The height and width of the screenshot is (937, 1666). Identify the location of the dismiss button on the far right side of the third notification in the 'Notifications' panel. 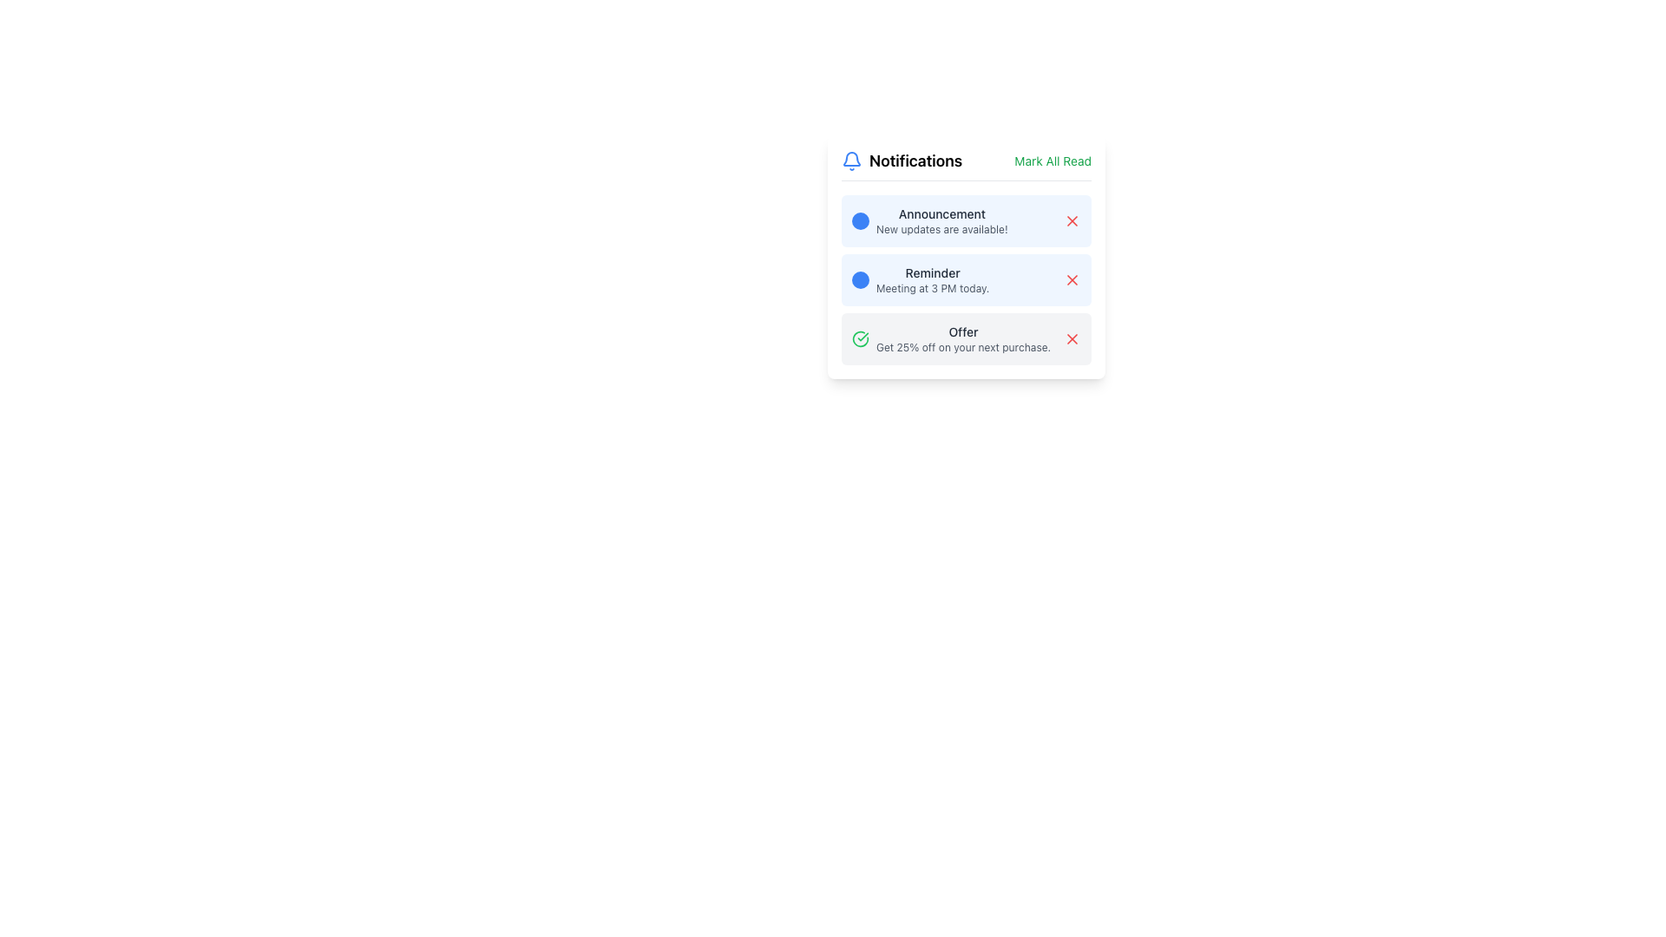
(1072, 338).